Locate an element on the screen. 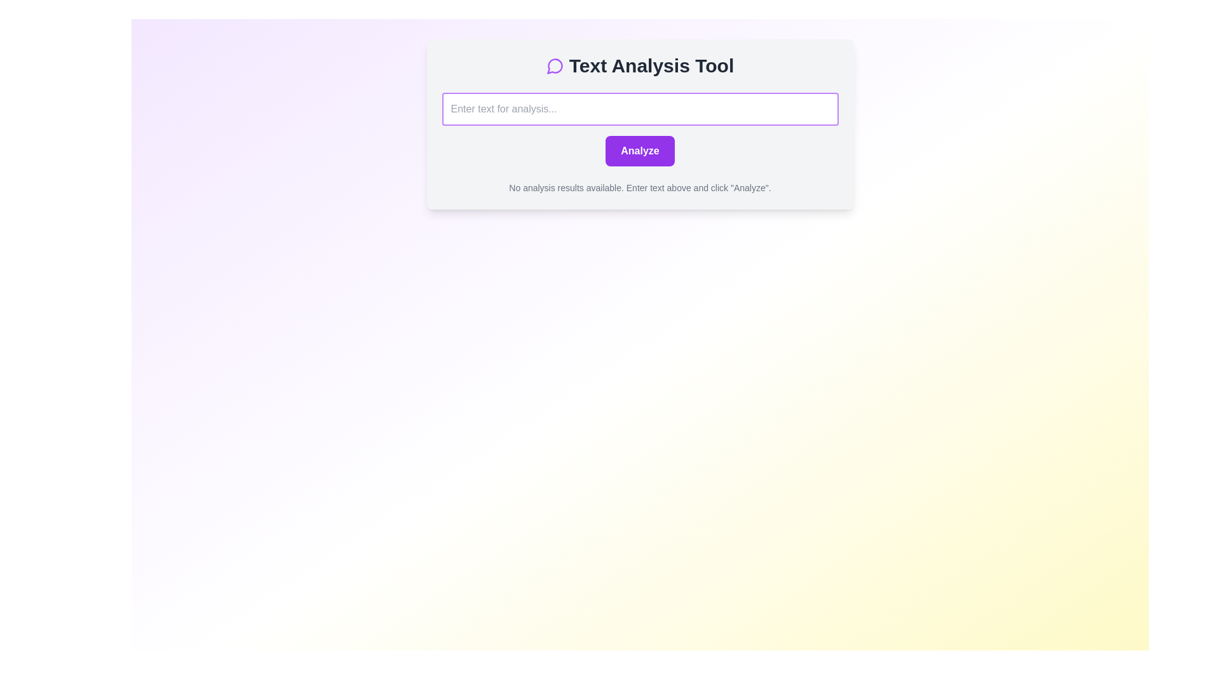 The width and height of the screenshot is (1220, 686). the analysis button located below the 'Enter text for analysis...' input field to observe the animation effect is located at coordinates (640, 151).